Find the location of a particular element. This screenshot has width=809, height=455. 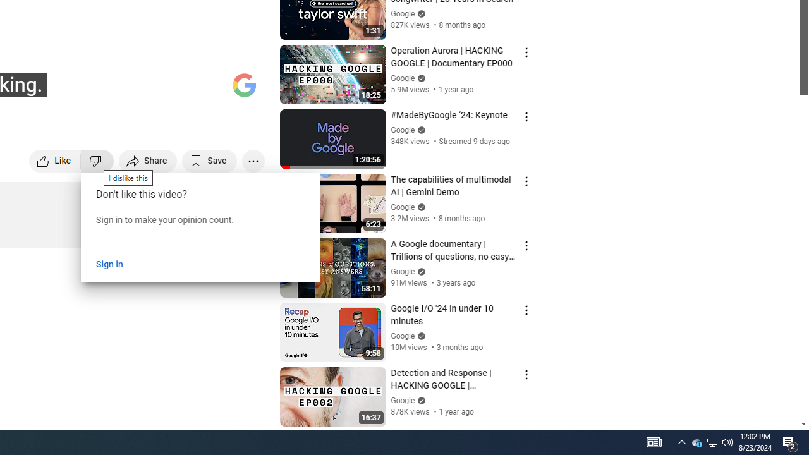

'Share' is located at coordinates (148, 160).